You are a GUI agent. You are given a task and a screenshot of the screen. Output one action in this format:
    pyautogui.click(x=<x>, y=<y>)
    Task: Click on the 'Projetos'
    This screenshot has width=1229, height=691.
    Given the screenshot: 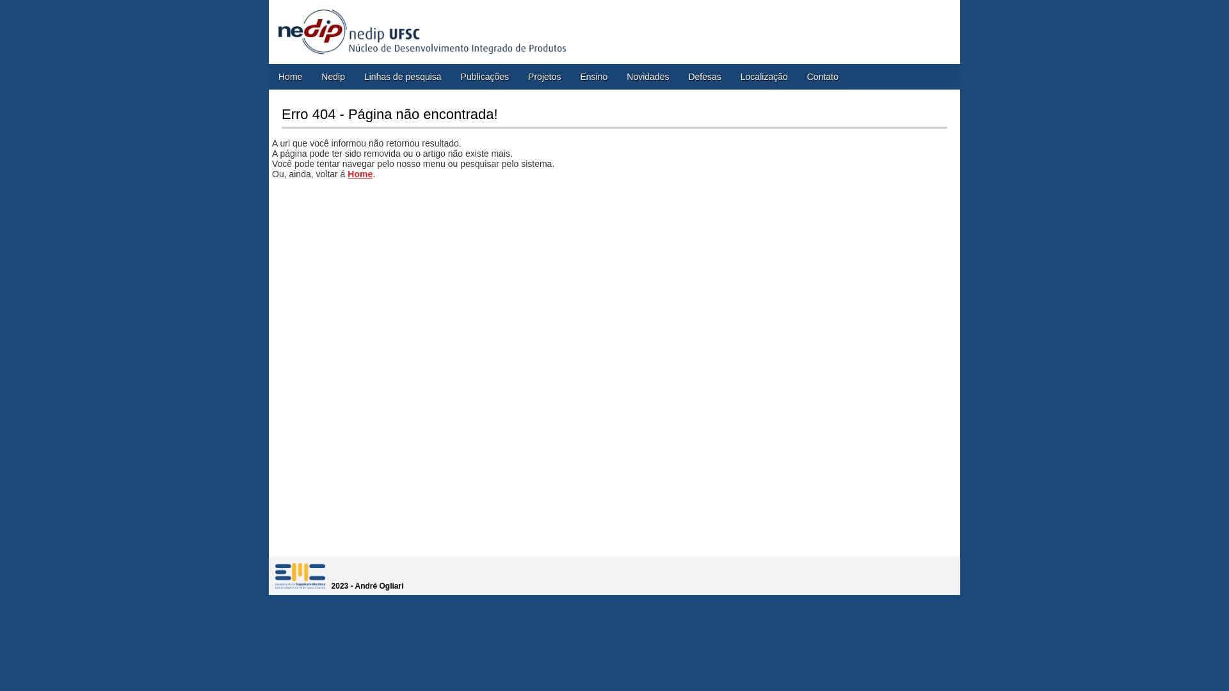 What is the action you would take?
    pyautogui.click(x=544, y=76)
    